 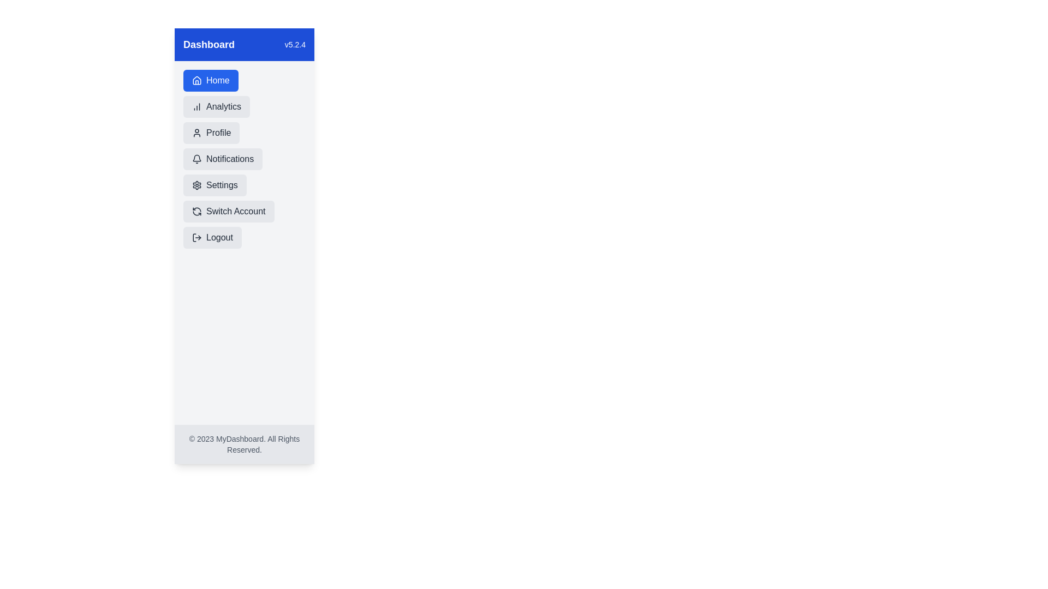 I want to click on the SVG Icon representing the logout action located in the menu section of the side navigation panel to log out, so click(x=196, y=237).